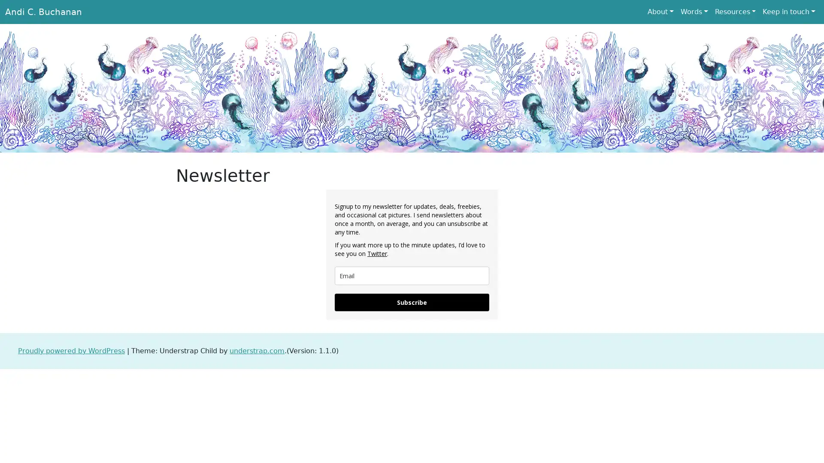 This screenshot has width=824, height=463. Describe the element at coordinates (412, 302) in the screenshot. I see `Subscribe` at that location.